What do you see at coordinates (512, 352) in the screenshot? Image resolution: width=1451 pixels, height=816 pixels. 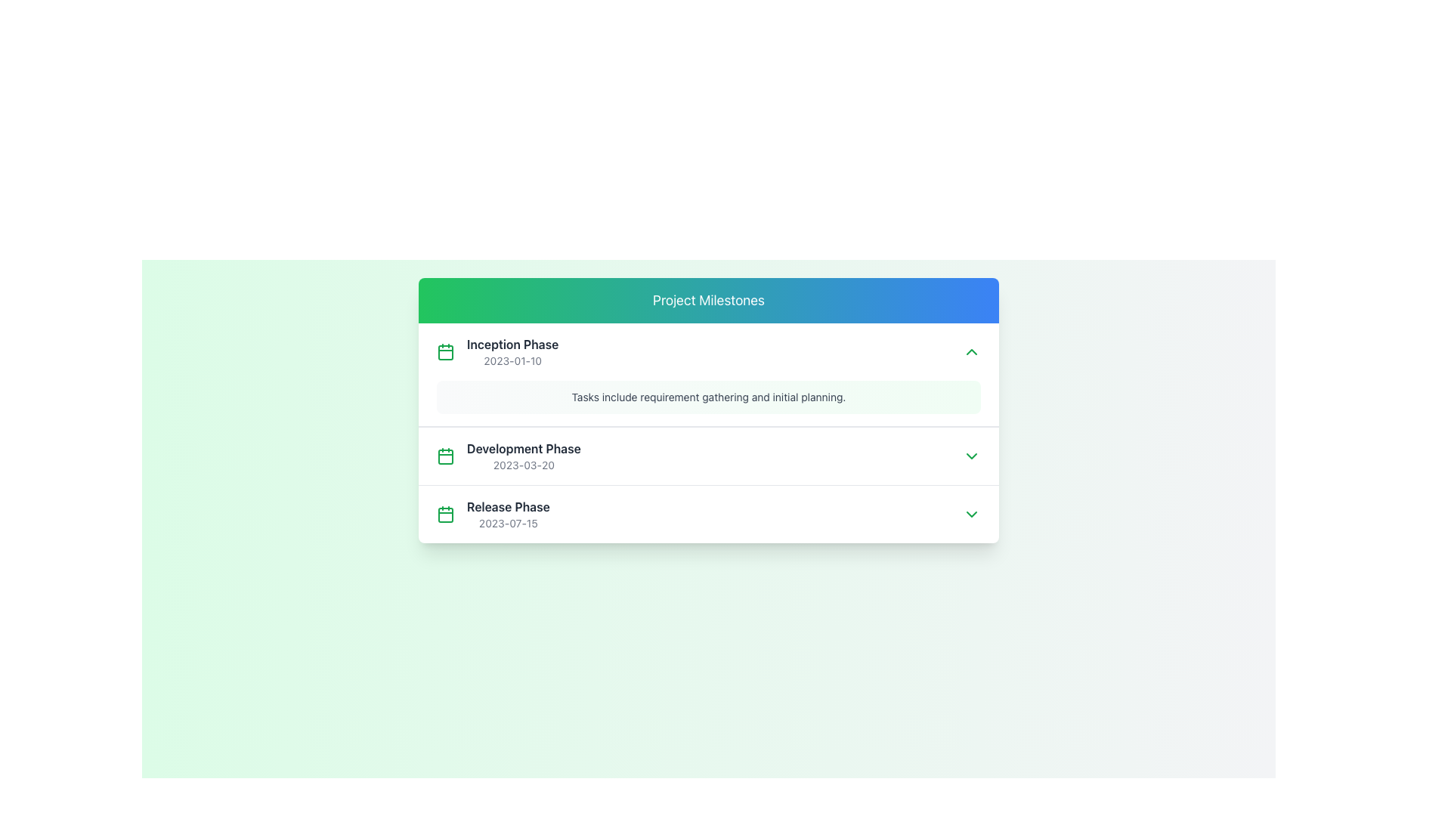 I see `the Text Label displaying 'Inception Phase' and its date '2023-01-10', which is the first milestone under the 'Project Milestones' heading` at bounding box center [512, 352].